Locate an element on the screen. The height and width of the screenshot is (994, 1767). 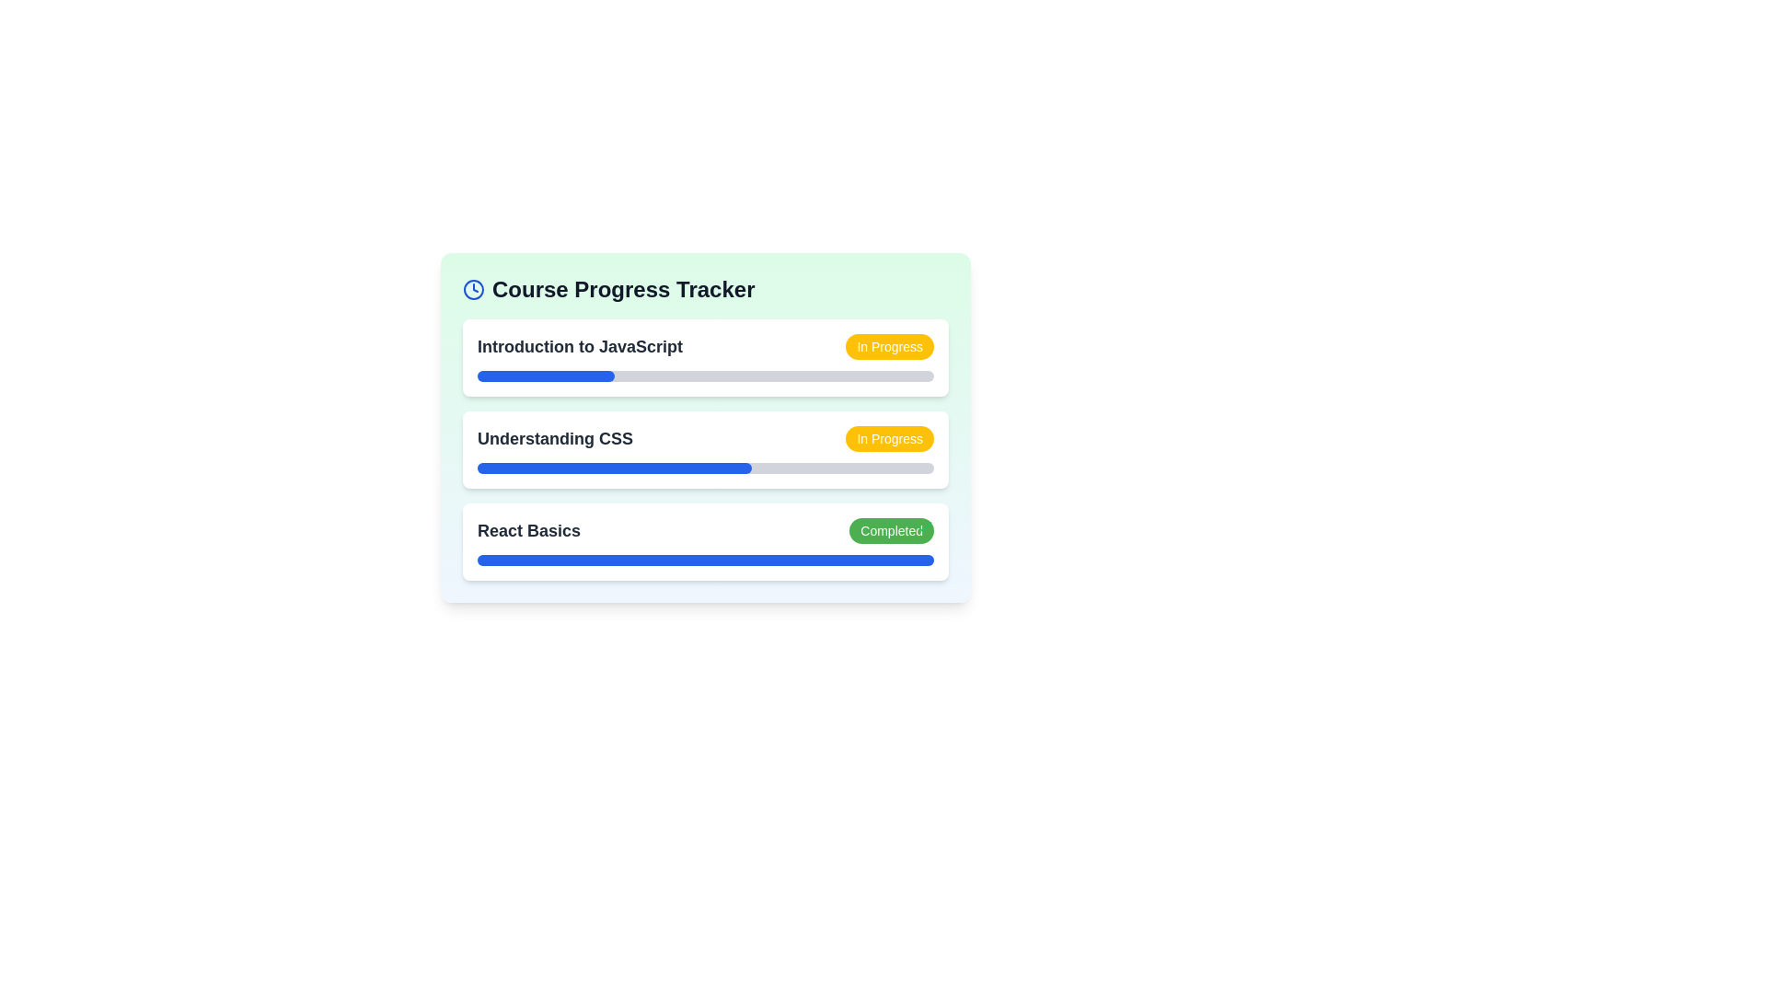
the 'React Basics' course entry in the progress tracker which shows its completion status as 'Completed' is located at coordinates (705, 531).